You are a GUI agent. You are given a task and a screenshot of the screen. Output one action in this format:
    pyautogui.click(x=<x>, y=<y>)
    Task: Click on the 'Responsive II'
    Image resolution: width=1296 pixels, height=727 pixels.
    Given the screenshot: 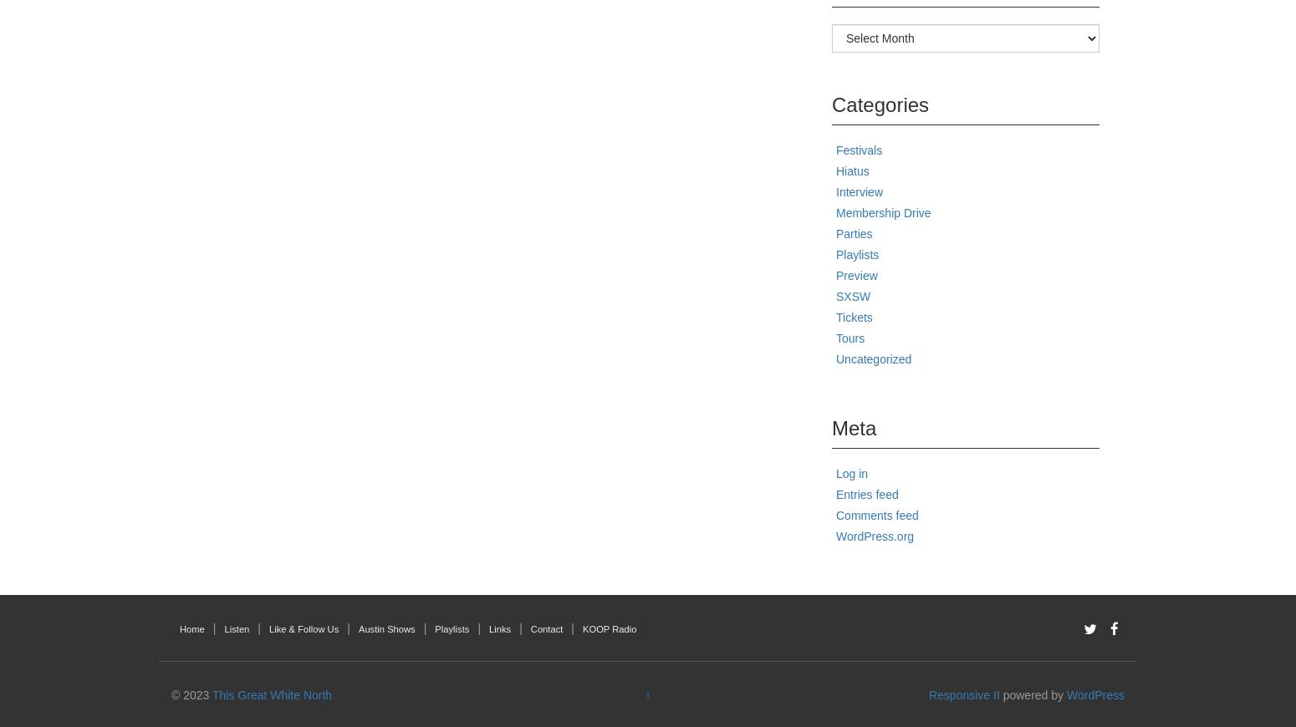 What is the action you would take?
    pyautogui.click(x=962, y=694)
    